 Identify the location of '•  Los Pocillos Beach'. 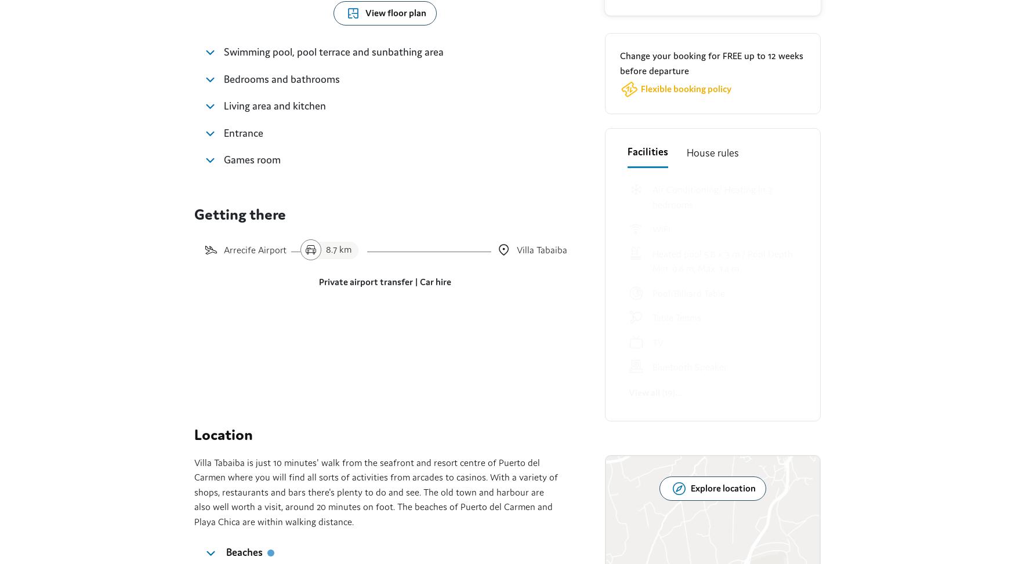
(483, 64).